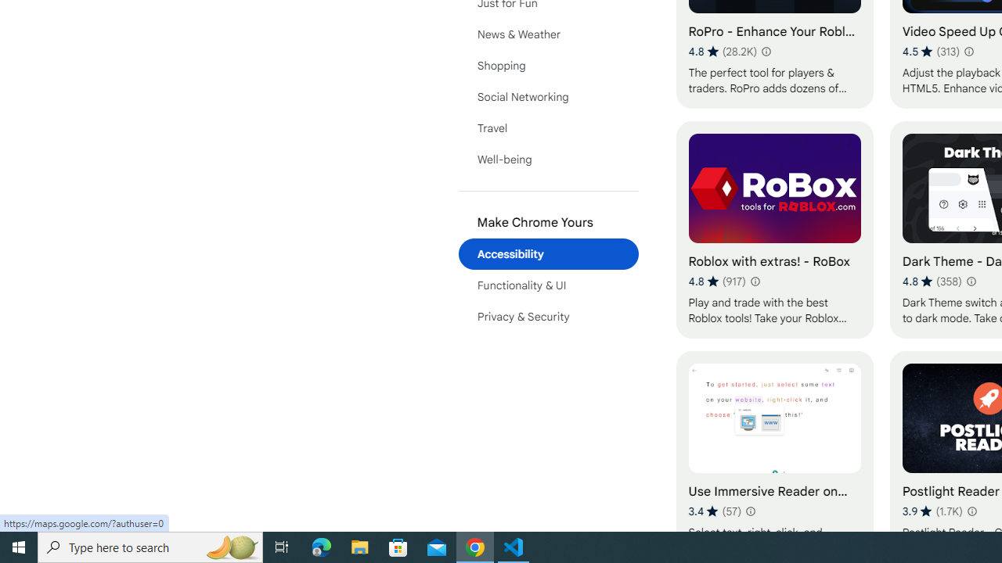 This screenshot has height=563, width=1002. What do you see at coordinates (931, 51) in the screenshot?
I see `'Average rating 4.5 out of 5 stars. 313 ratings.'` at bounding box center [931, 51].